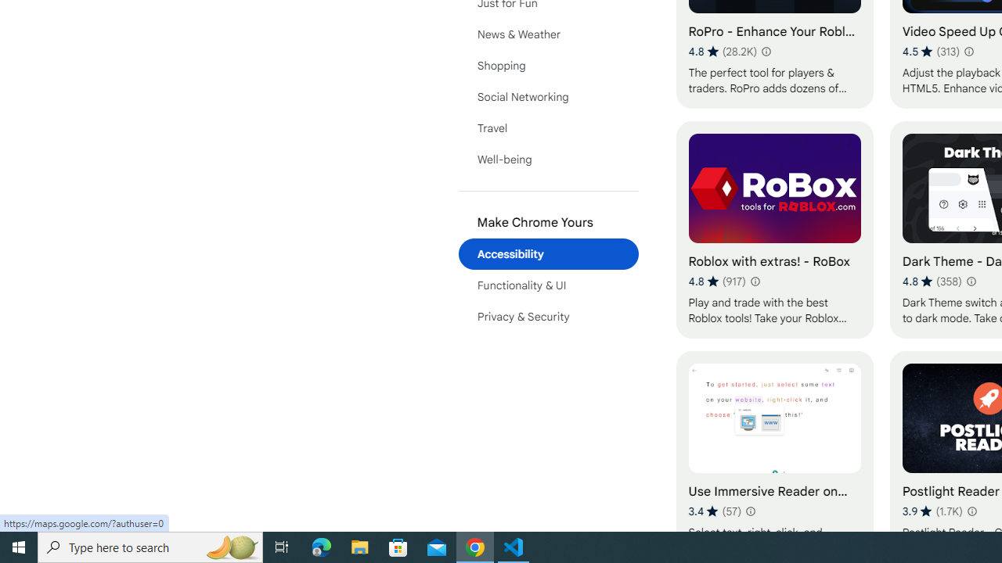 This screenshot has height=563, width=1002. What do you see at coordinates (931, 51) in the screenshot?
I see `'Average rating 4.5 out of 5 stars. 313 ratings.'` at bounding box center [931, 51].